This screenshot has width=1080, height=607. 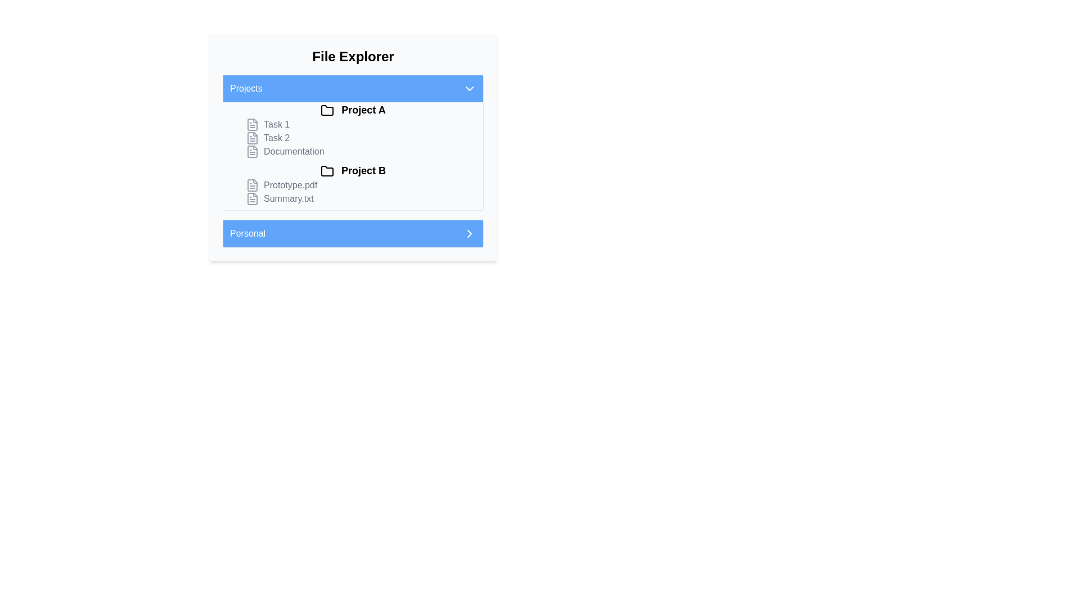 I want to click on the right-facing chevron arrow icon with a minimalist line design, located in the blue rectangular background of the 'Personal' section, so click(x=470, y=233).